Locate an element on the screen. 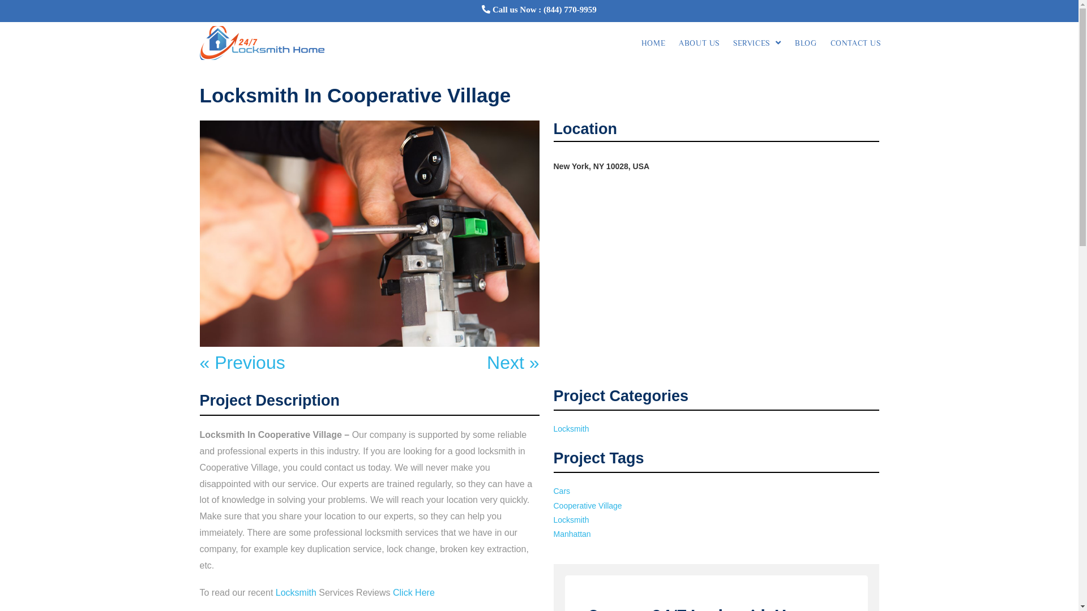 The image size is (1087, 611). 'ABOUT US' is located at coordinates (698, 42).